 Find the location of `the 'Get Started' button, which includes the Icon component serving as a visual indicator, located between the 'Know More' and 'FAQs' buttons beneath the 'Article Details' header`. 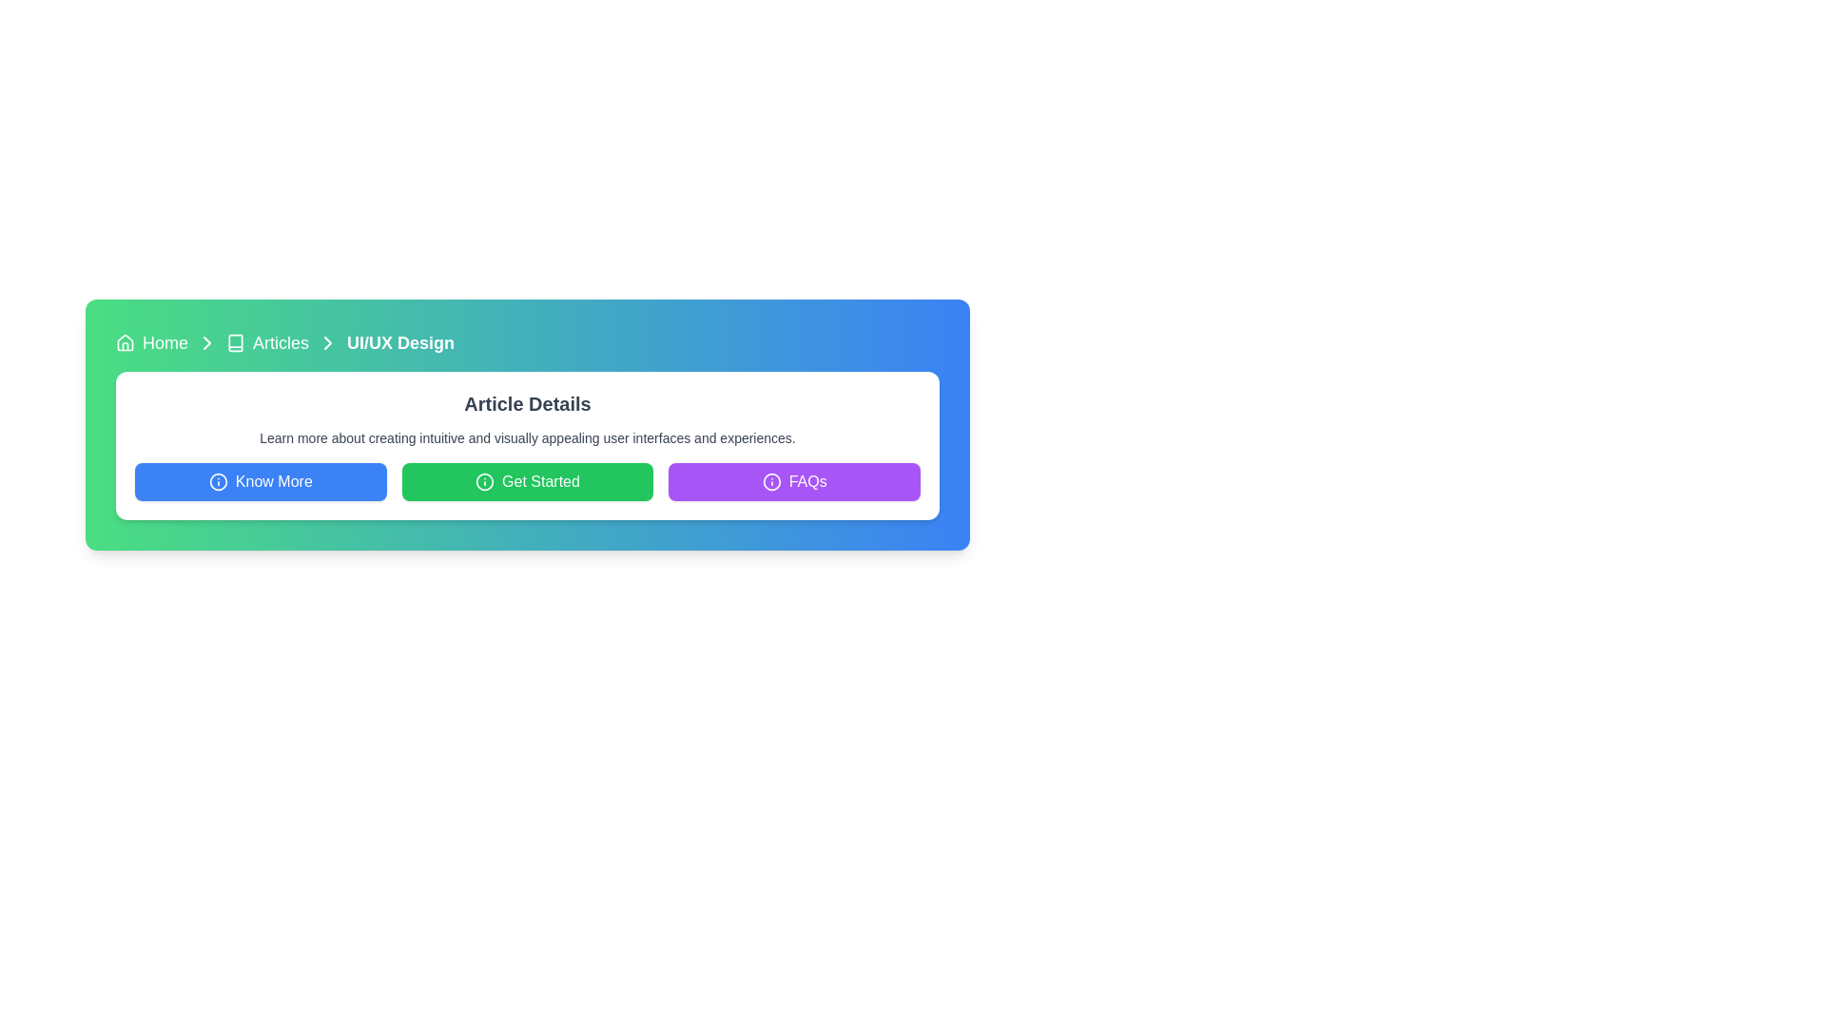

the 'Get Started' button, which includes the Icon component serving as a visual indicator, located between the 'Know More' and 'FAQs' buttons beneath the 'Article Details' header is located at coordinates (485, 480).